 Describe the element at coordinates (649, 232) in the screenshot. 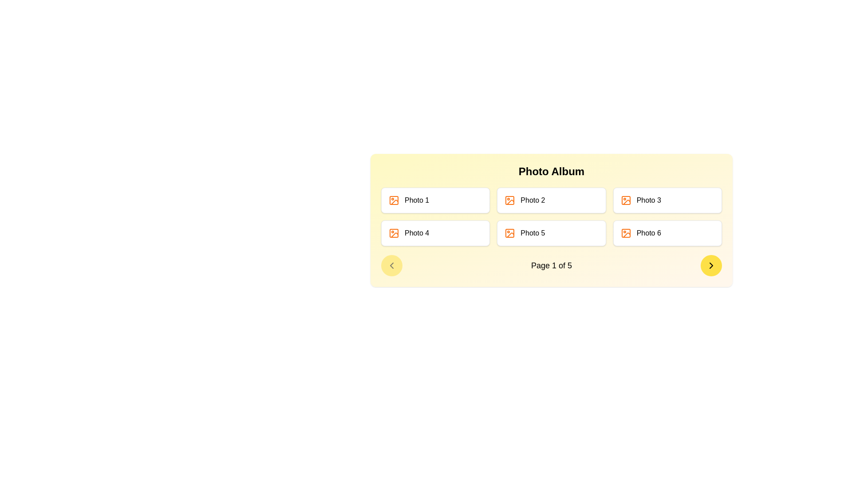

I see `the text label that provides the title or name of the photo located in the bottom-right card of the photo album interface` at that location.